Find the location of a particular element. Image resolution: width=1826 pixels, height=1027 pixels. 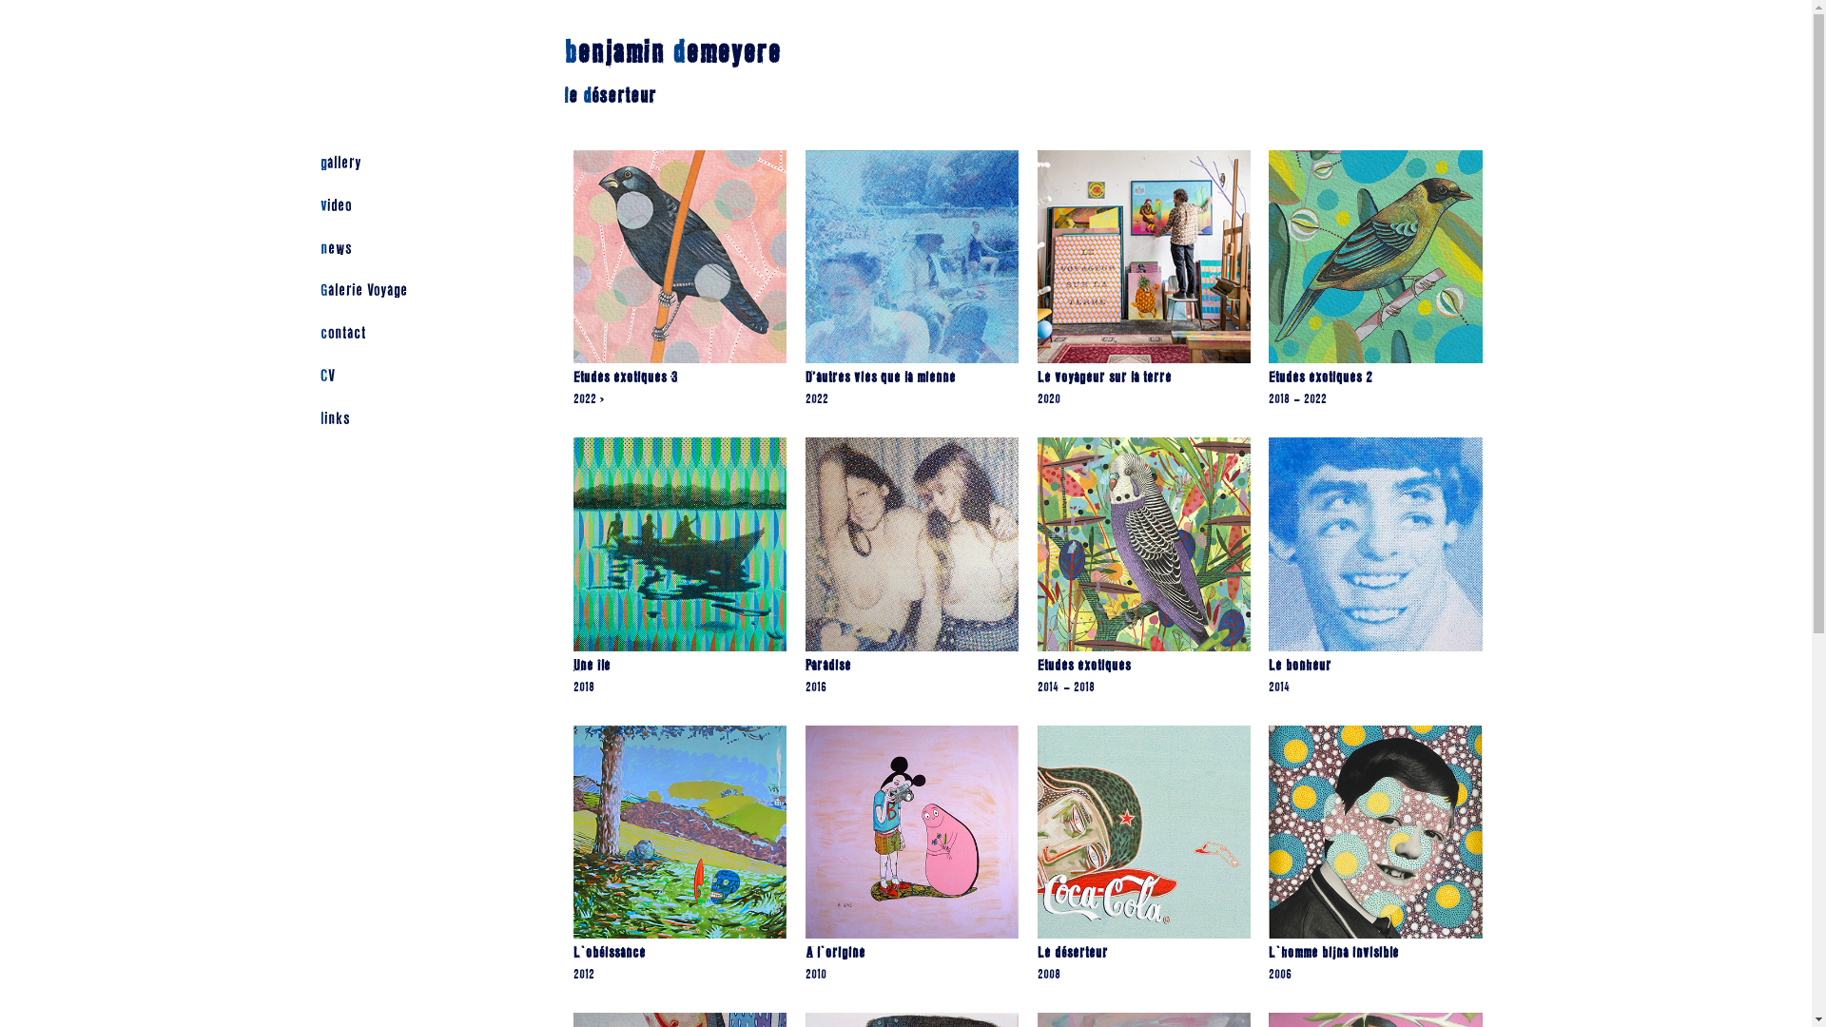

'benjamin demeyere' is located at coordinates (671, 51).